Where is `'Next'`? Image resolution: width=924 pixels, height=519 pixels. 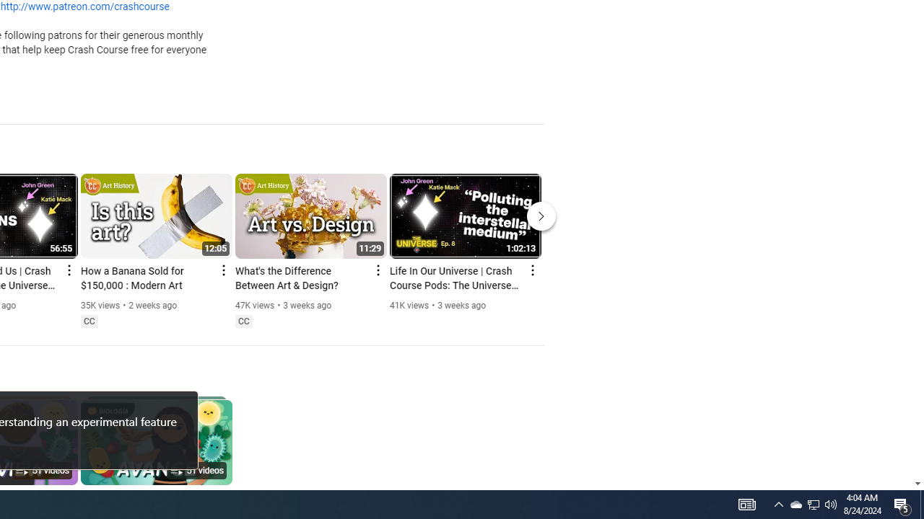
'Next' is located at coordinates (541, 216).